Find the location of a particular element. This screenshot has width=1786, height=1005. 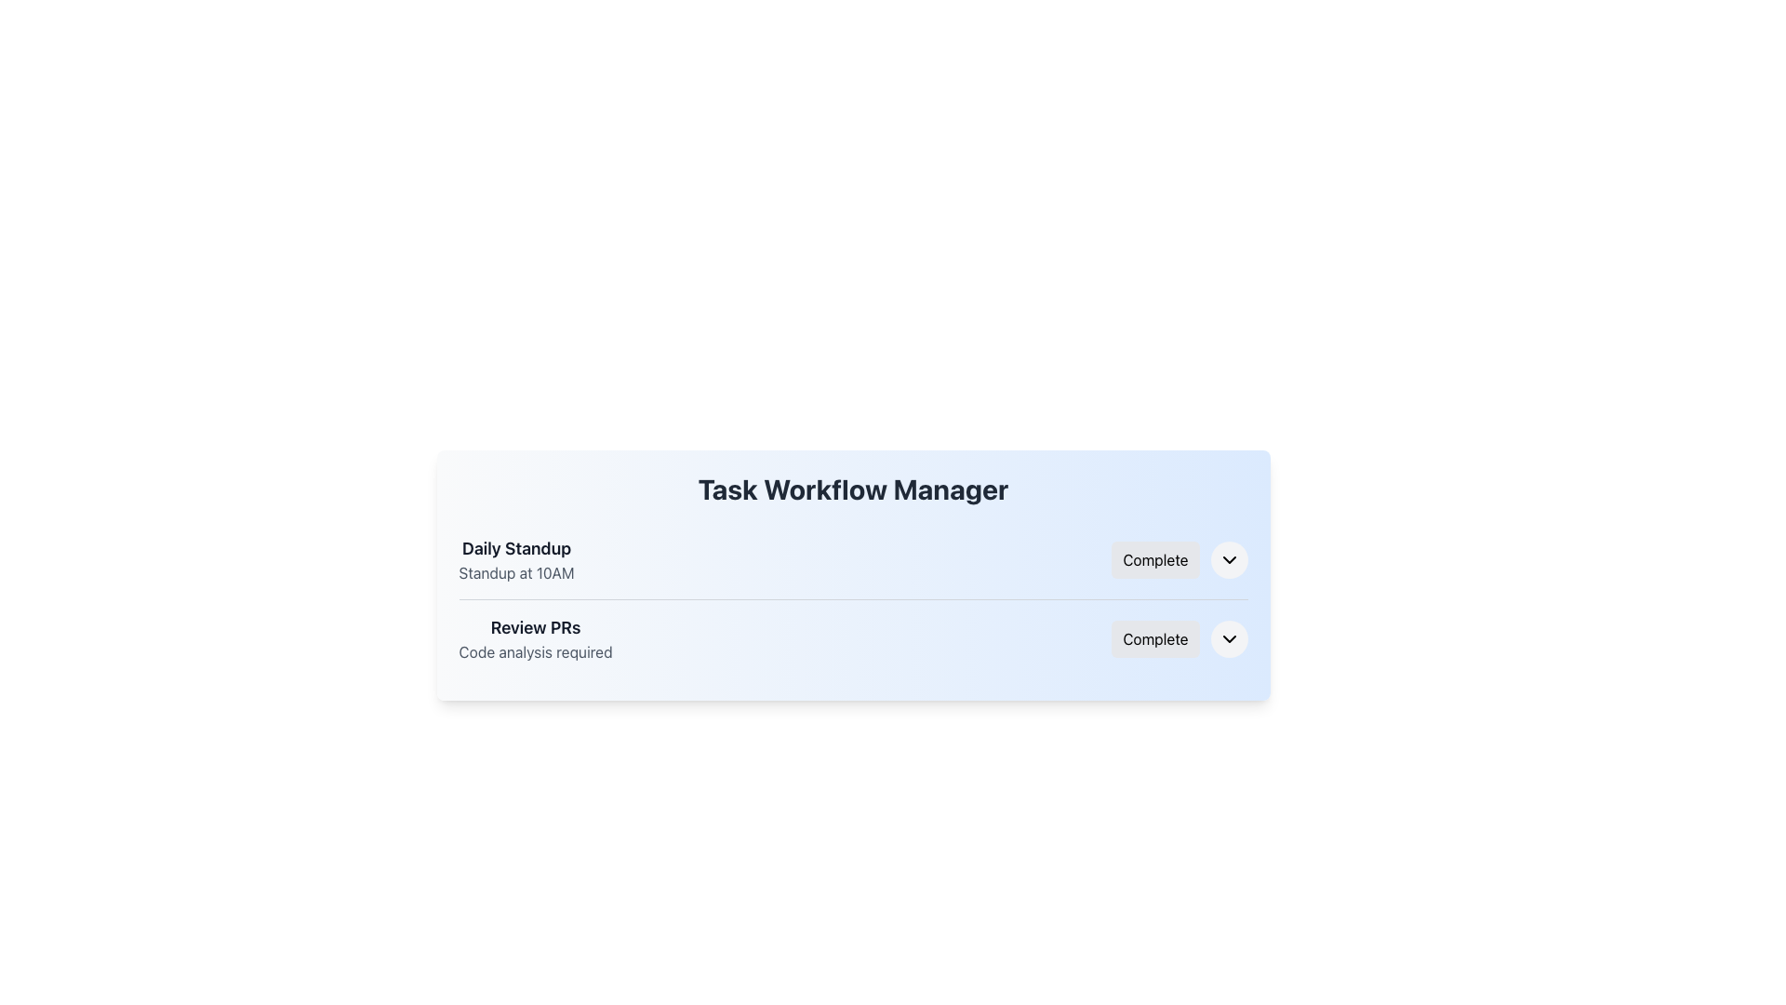

the 'Complete' button, which is a rectangular button with rounded corners and a light gray background, located in the bottom task item labeled 'Review PRs - Code analysis required' is located at coordinates (1154, 637).